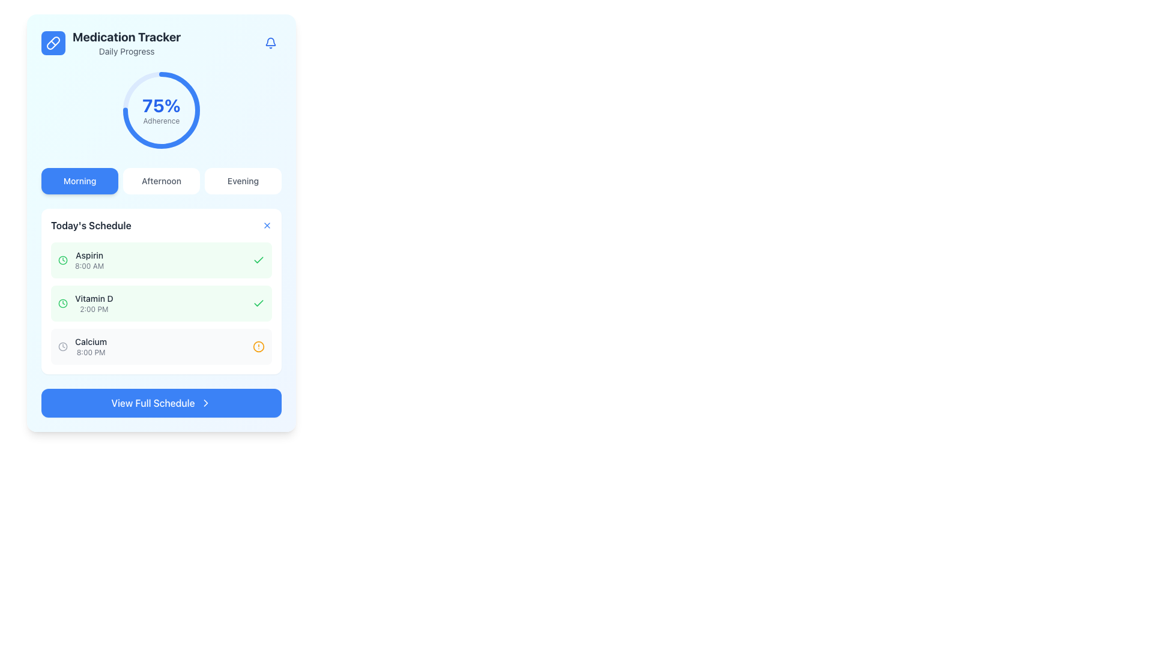 Image resolution: width=1153 pixels, height=648 pixels. I want to click on the list item displaying 'Vitamin D' in the second row of the 'Today's Schedule' section, which is located between 'Aspirin 8:00 AM' and 'Calcium 8:00 PM', so click(85, 302).